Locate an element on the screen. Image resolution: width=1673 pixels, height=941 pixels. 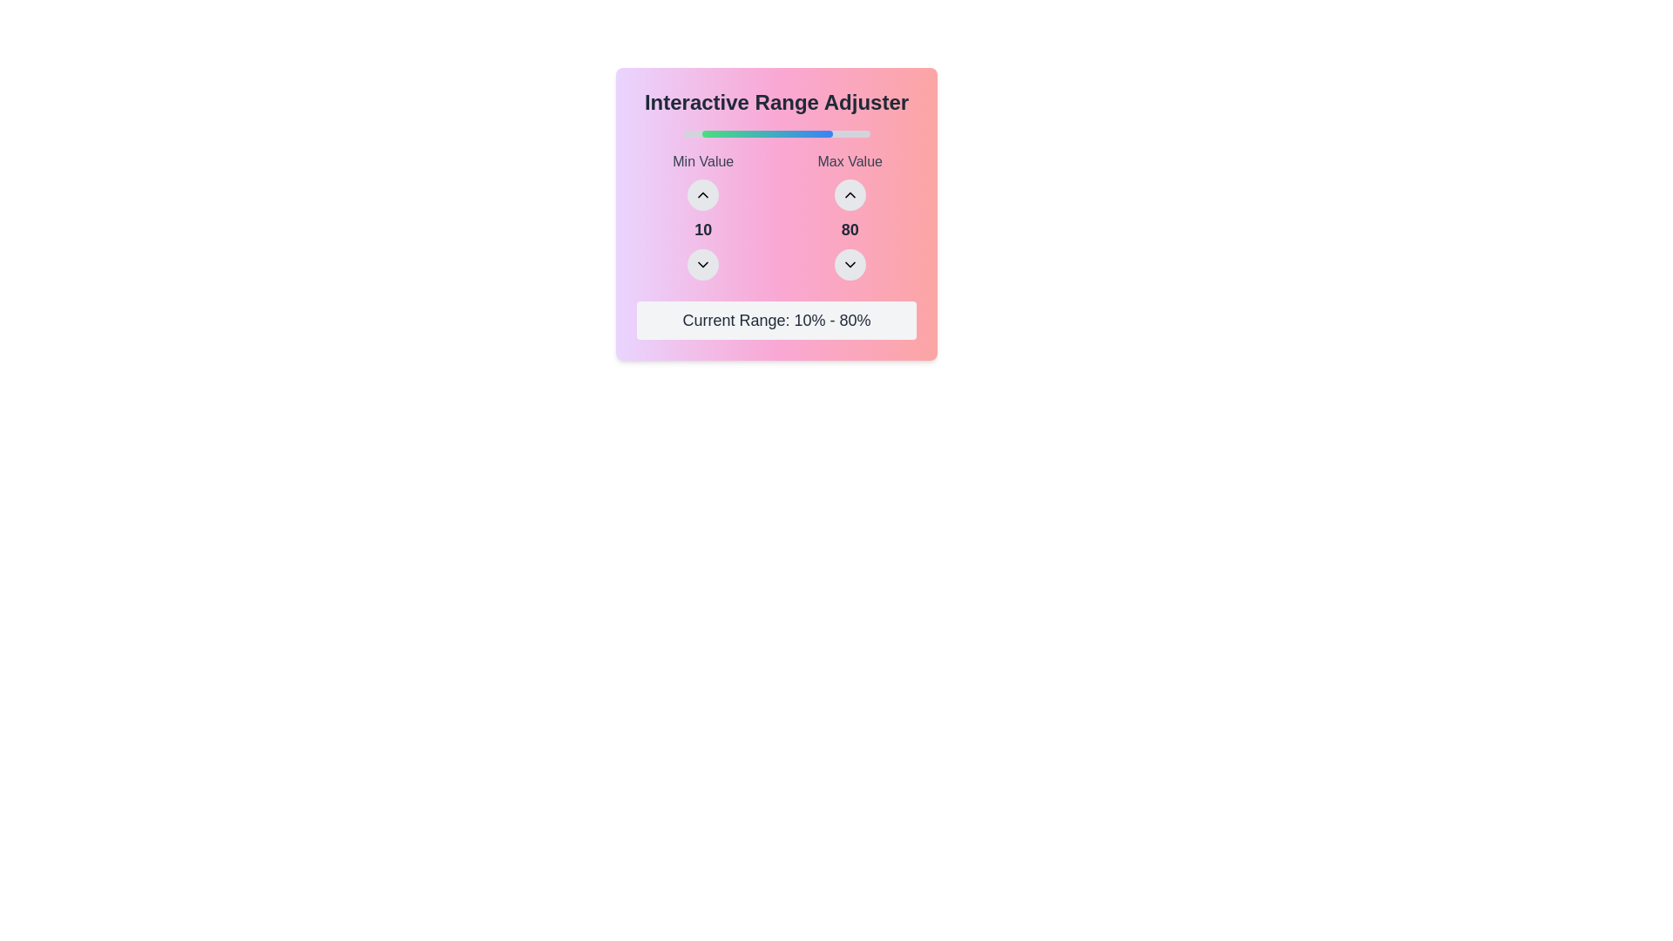
the rounded button with a light gray background and downward-pointing arrow icon located in the 'Interactive Range Adjuster' component, situated between the number '10' and the label 'Current Range: 10% - 80%' is located at coordinates (703, 265).